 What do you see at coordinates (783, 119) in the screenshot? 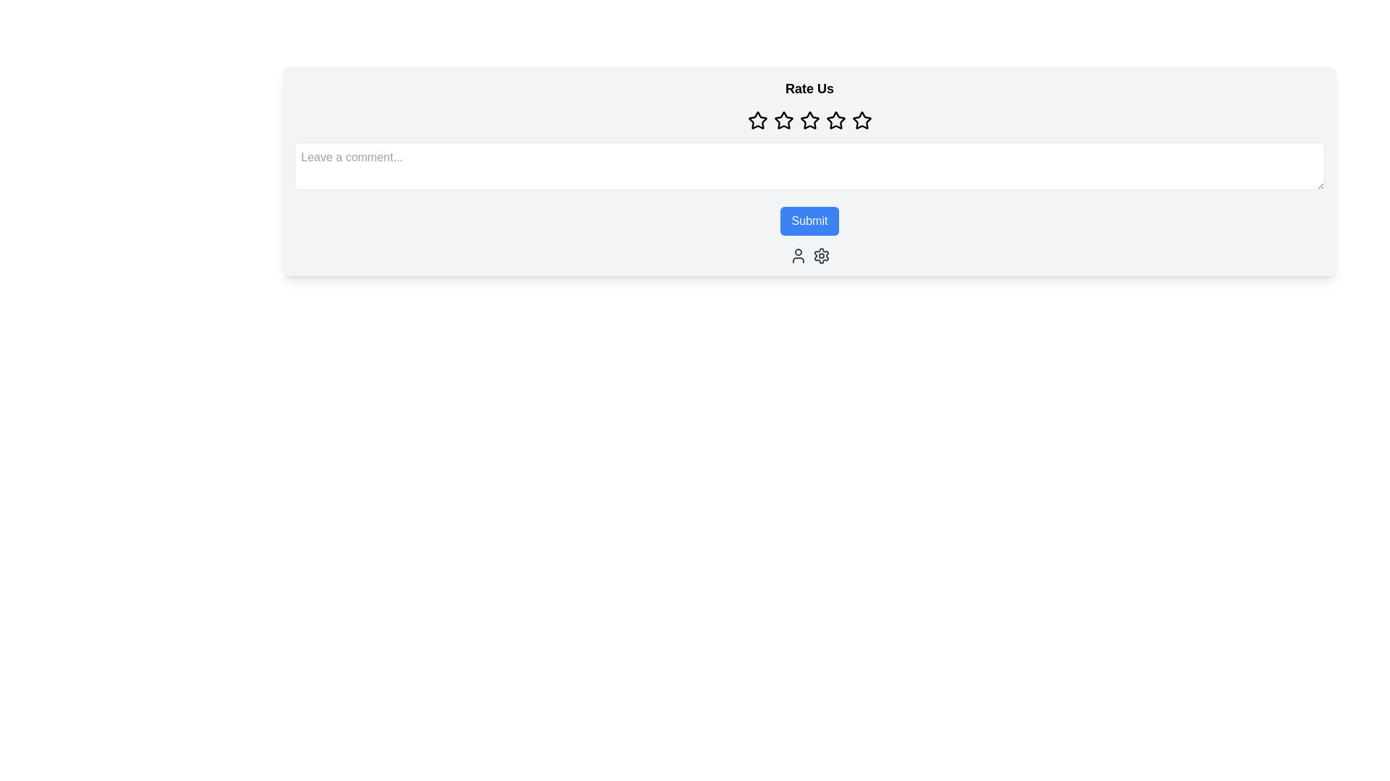
I see `the second star icon in the rating system to provide a rating of 2 out of 5` at bounding box center [783, 119].